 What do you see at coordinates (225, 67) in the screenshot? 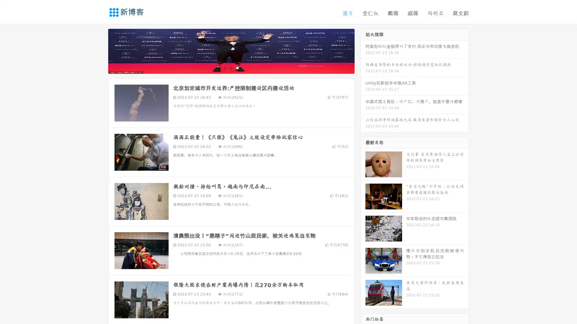
I see `Go to slide 1` at bounding box center [225, 67].